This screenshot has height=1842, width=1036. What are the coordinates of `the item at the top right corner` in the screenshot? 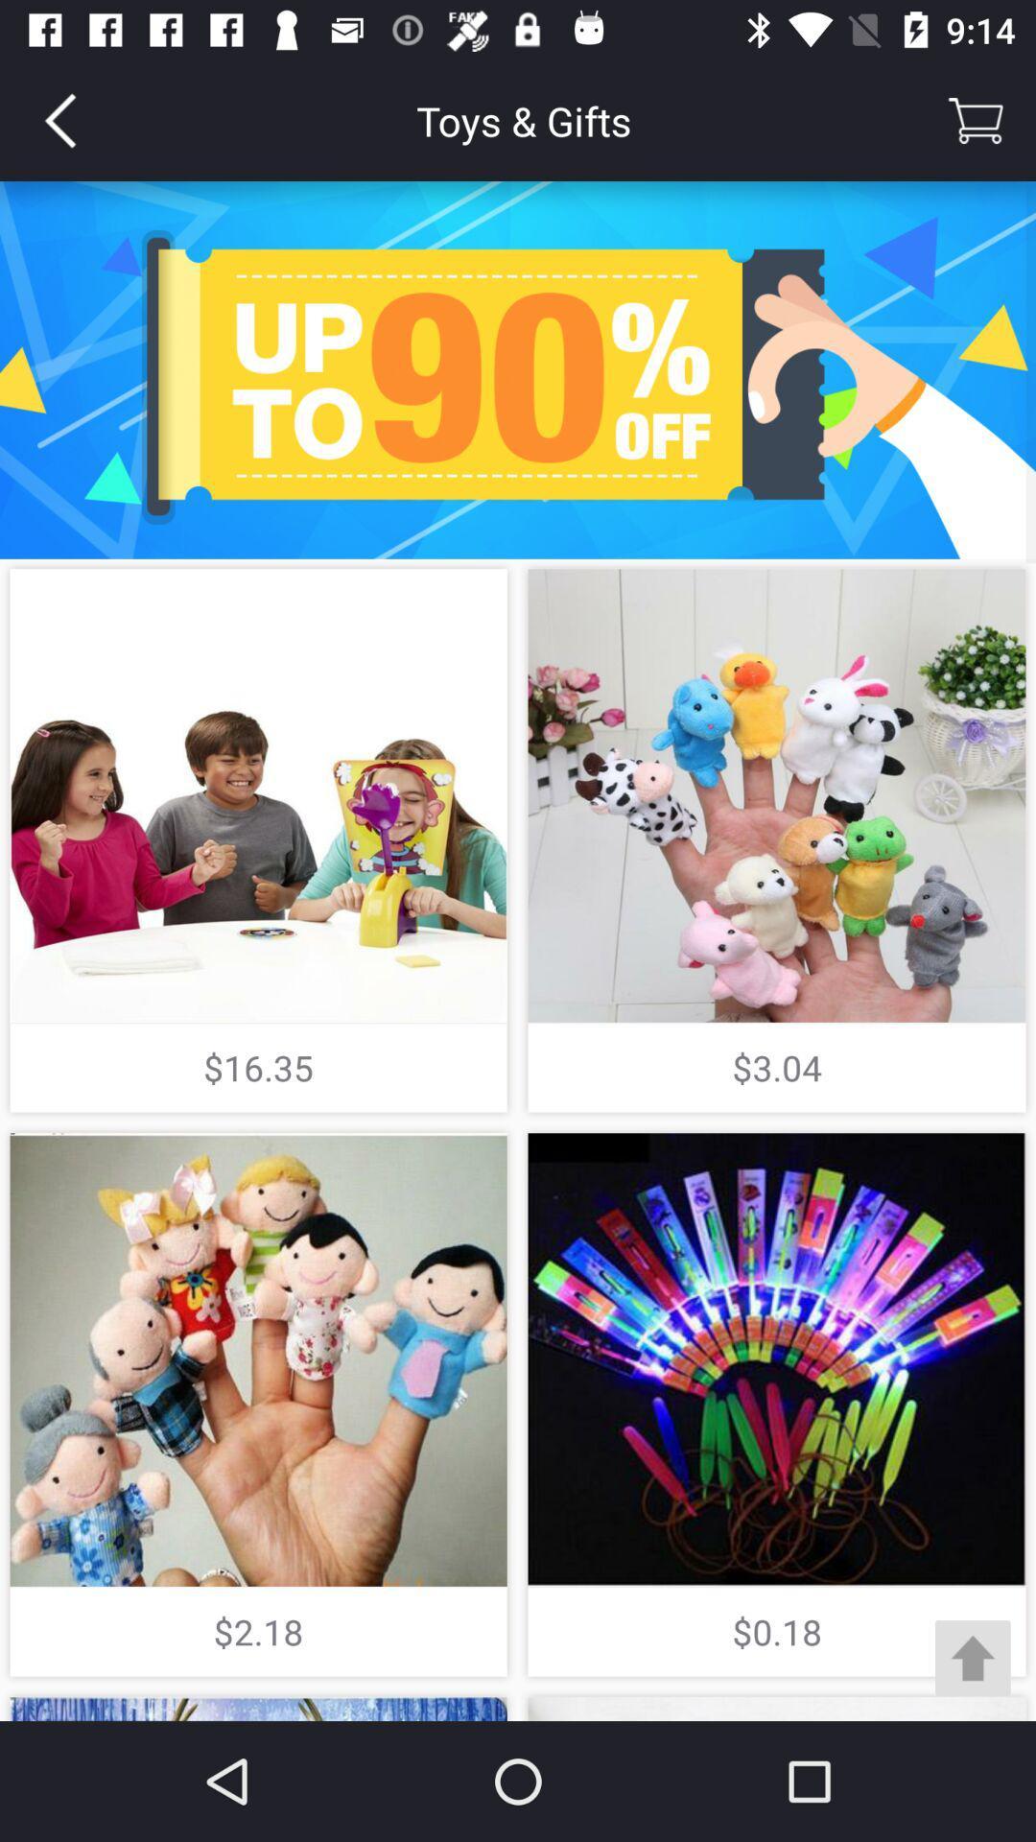 It's located at (976, 119).